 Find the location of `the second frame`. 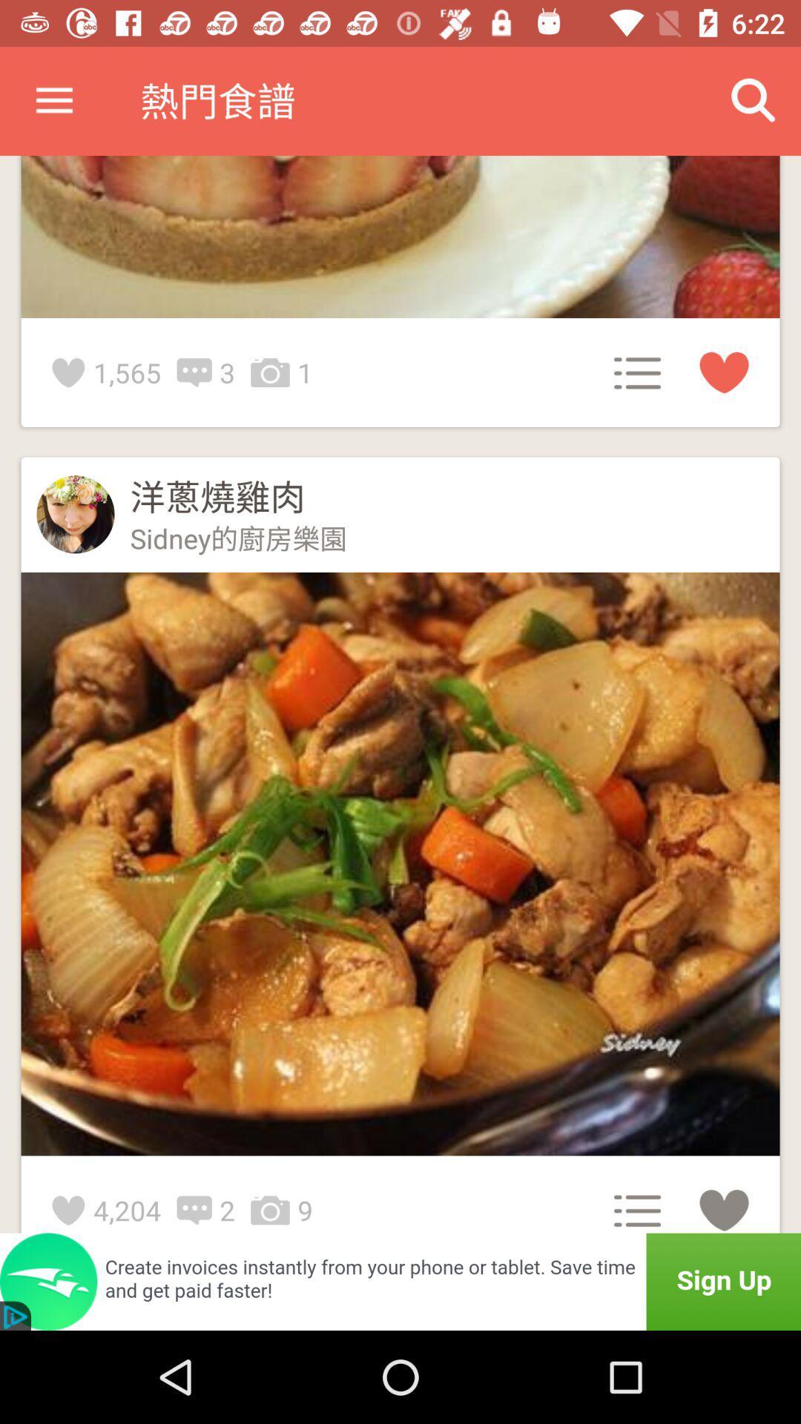

the second frame is located at coordinates (400, 841).